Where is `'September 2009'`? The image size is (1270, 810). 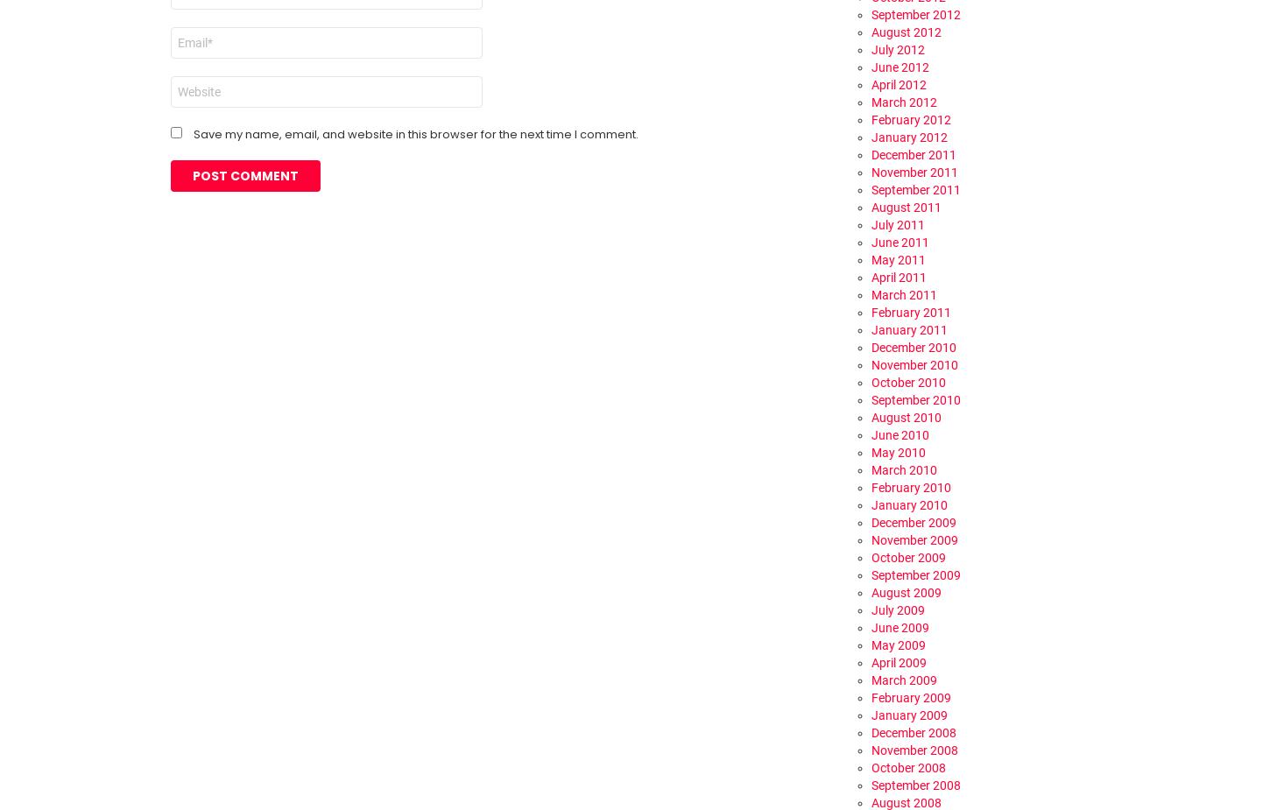 'September 2009' is located at coordinates (871, 574).